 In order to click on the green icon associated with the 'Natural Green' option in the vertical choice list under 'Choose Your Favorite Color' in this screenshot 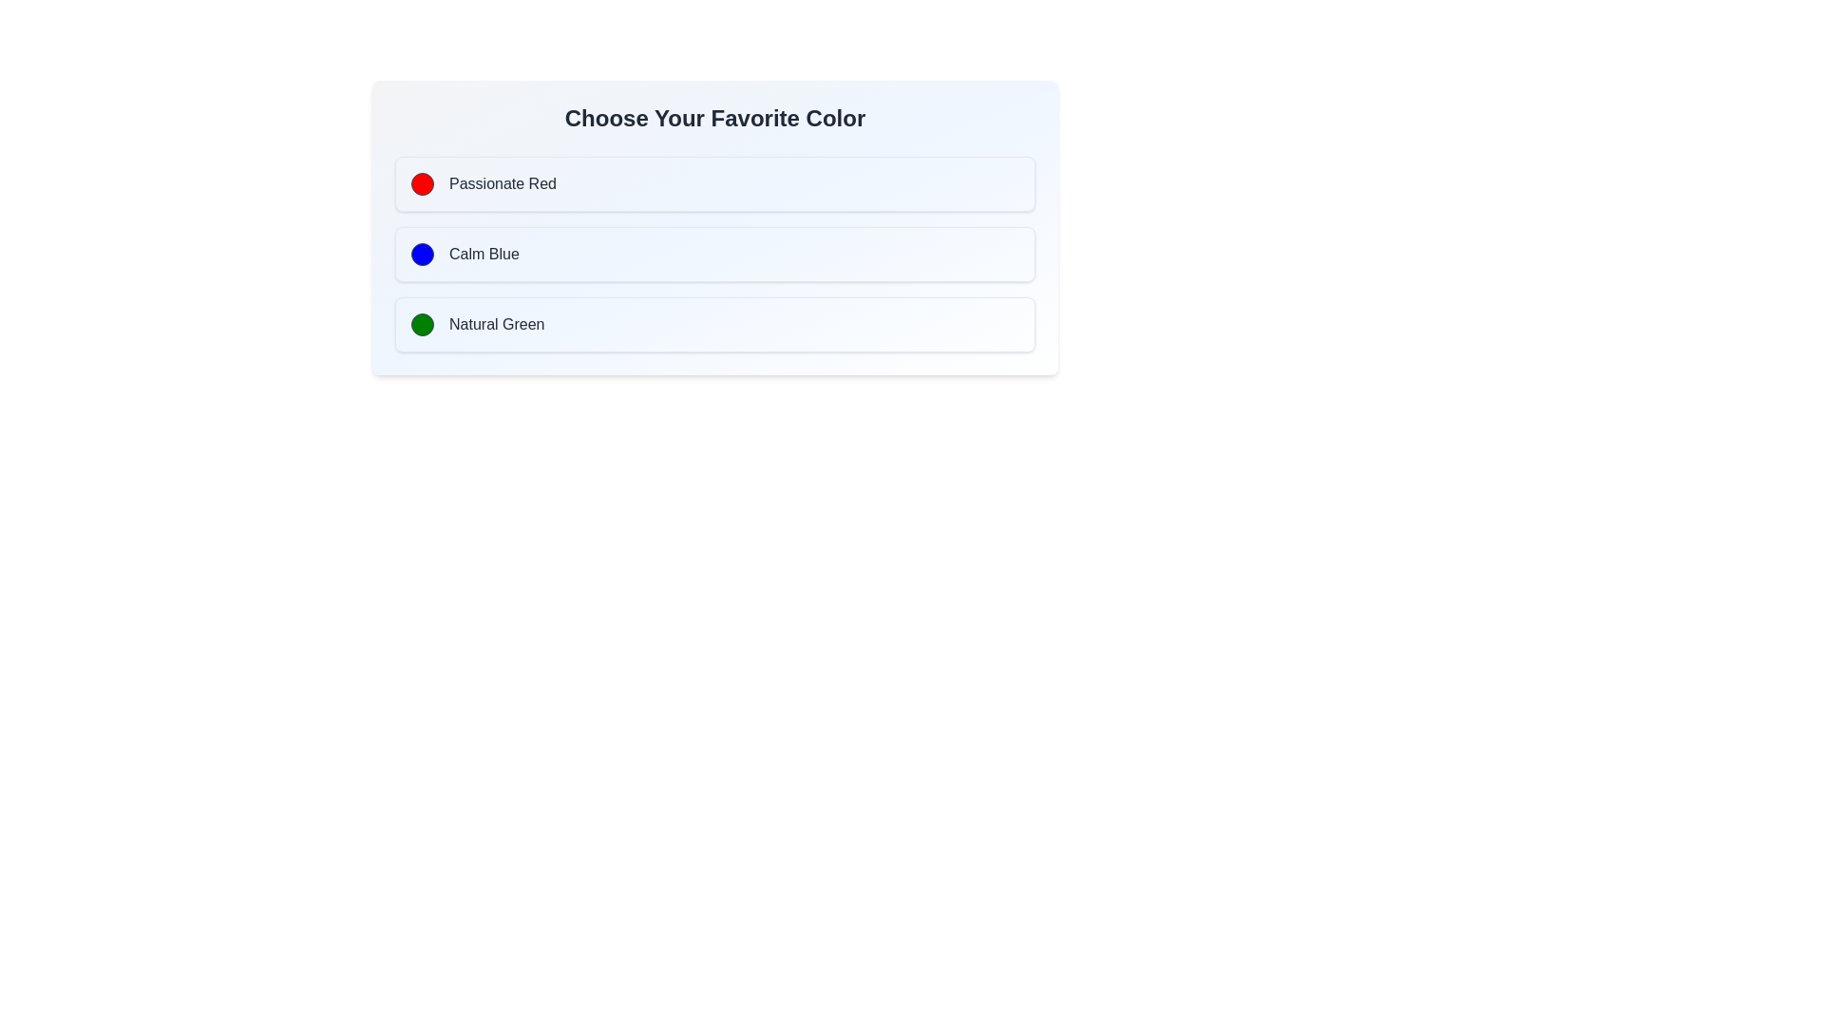, I will do `click(422, 324)`.